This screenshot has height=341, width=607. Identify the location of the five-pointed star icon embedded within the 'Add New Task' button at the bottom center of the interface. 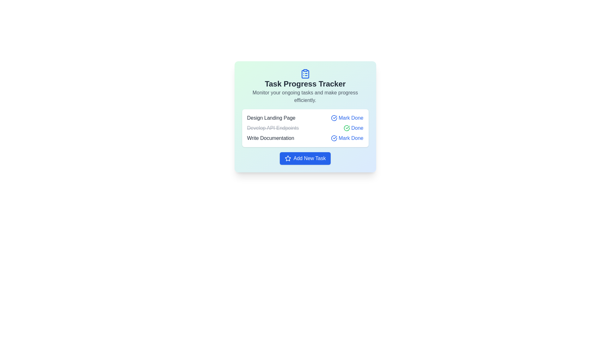
(287, 158).